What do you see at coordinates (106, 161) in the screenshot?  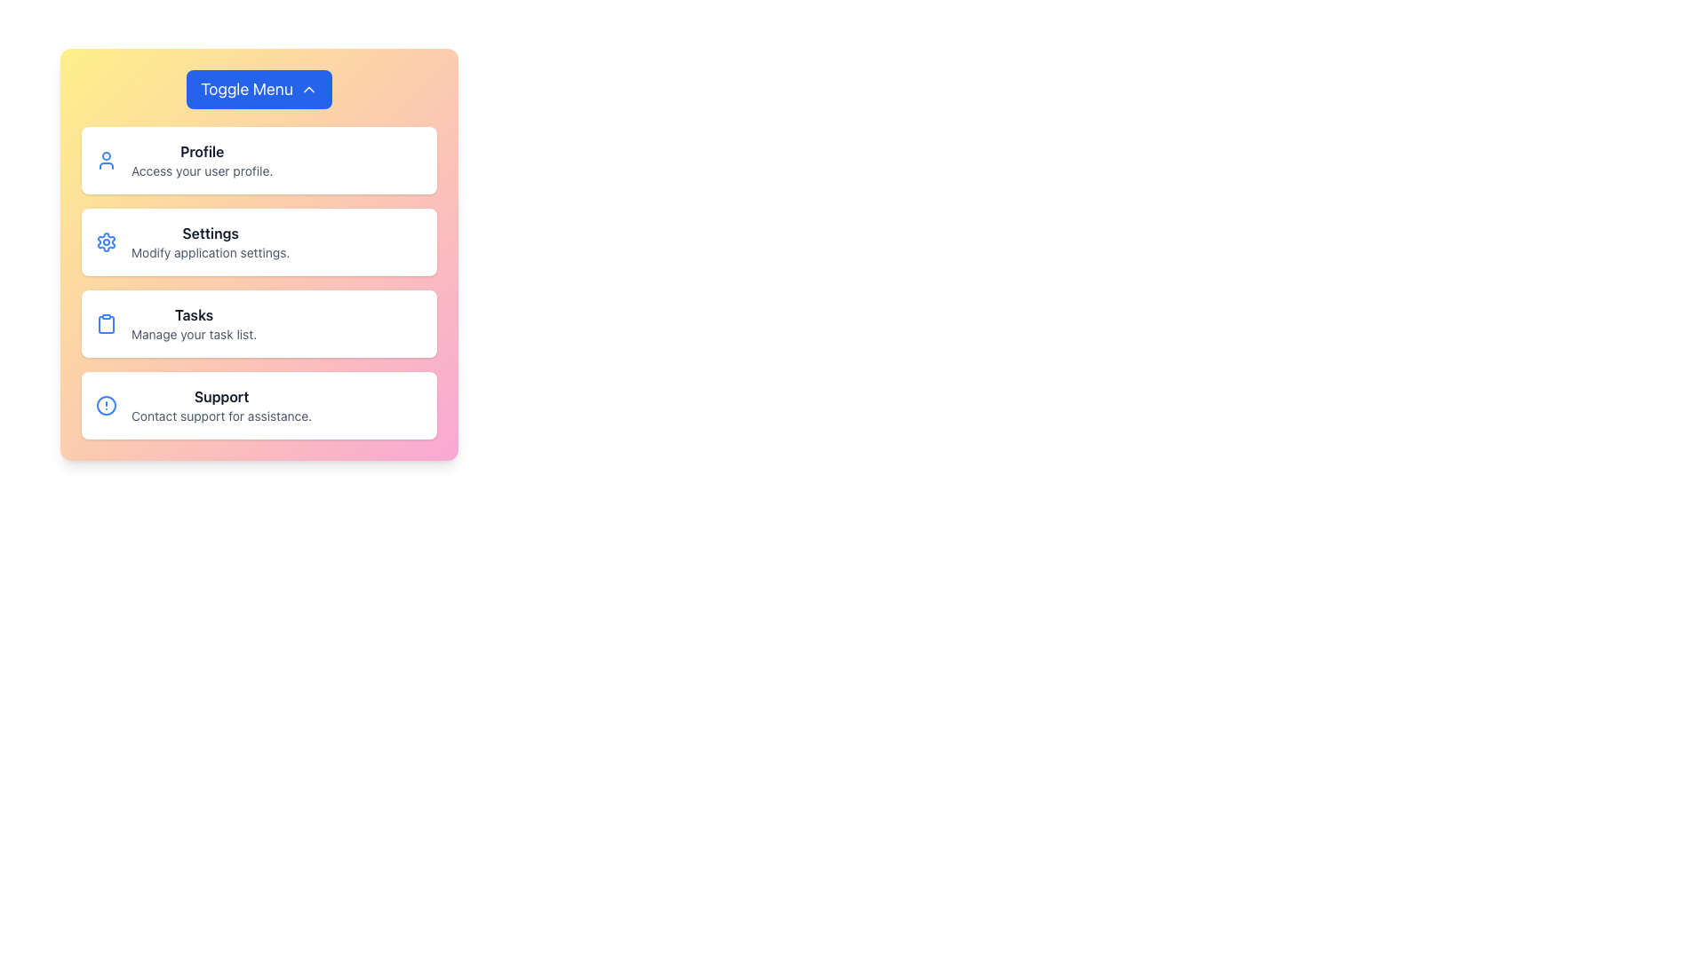 I see `the user icon SVG graphic, which is located to the far left of the 'Profile' button in the vertical list of options` at bounding box center [106, 161].